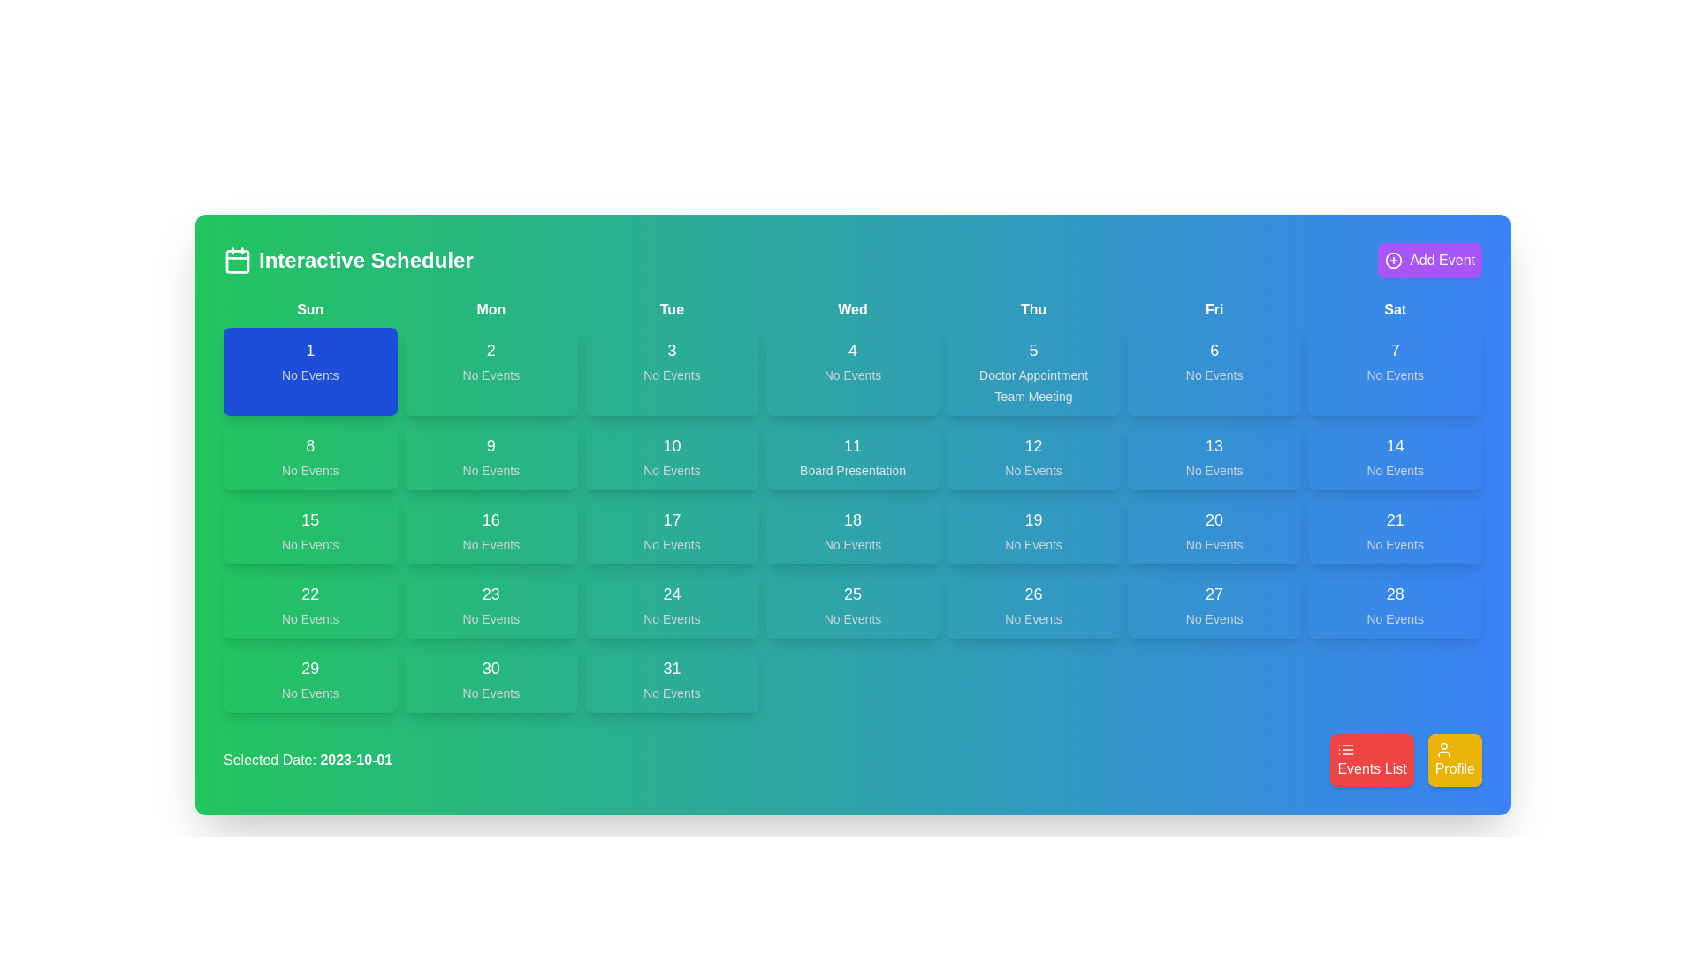 The image size is (1697, 954). I want to click on from the date cell indicating '21' in the calendar grid, so click(1394, 530).